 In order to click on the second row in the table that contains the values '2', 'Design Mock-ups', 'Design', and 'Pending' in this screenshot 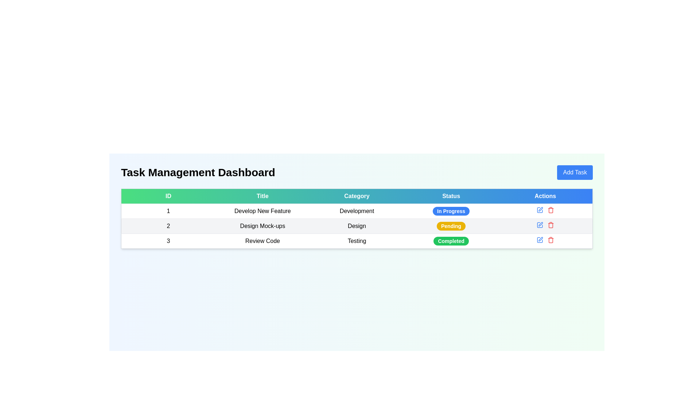, I will do `click(357, 226)`.